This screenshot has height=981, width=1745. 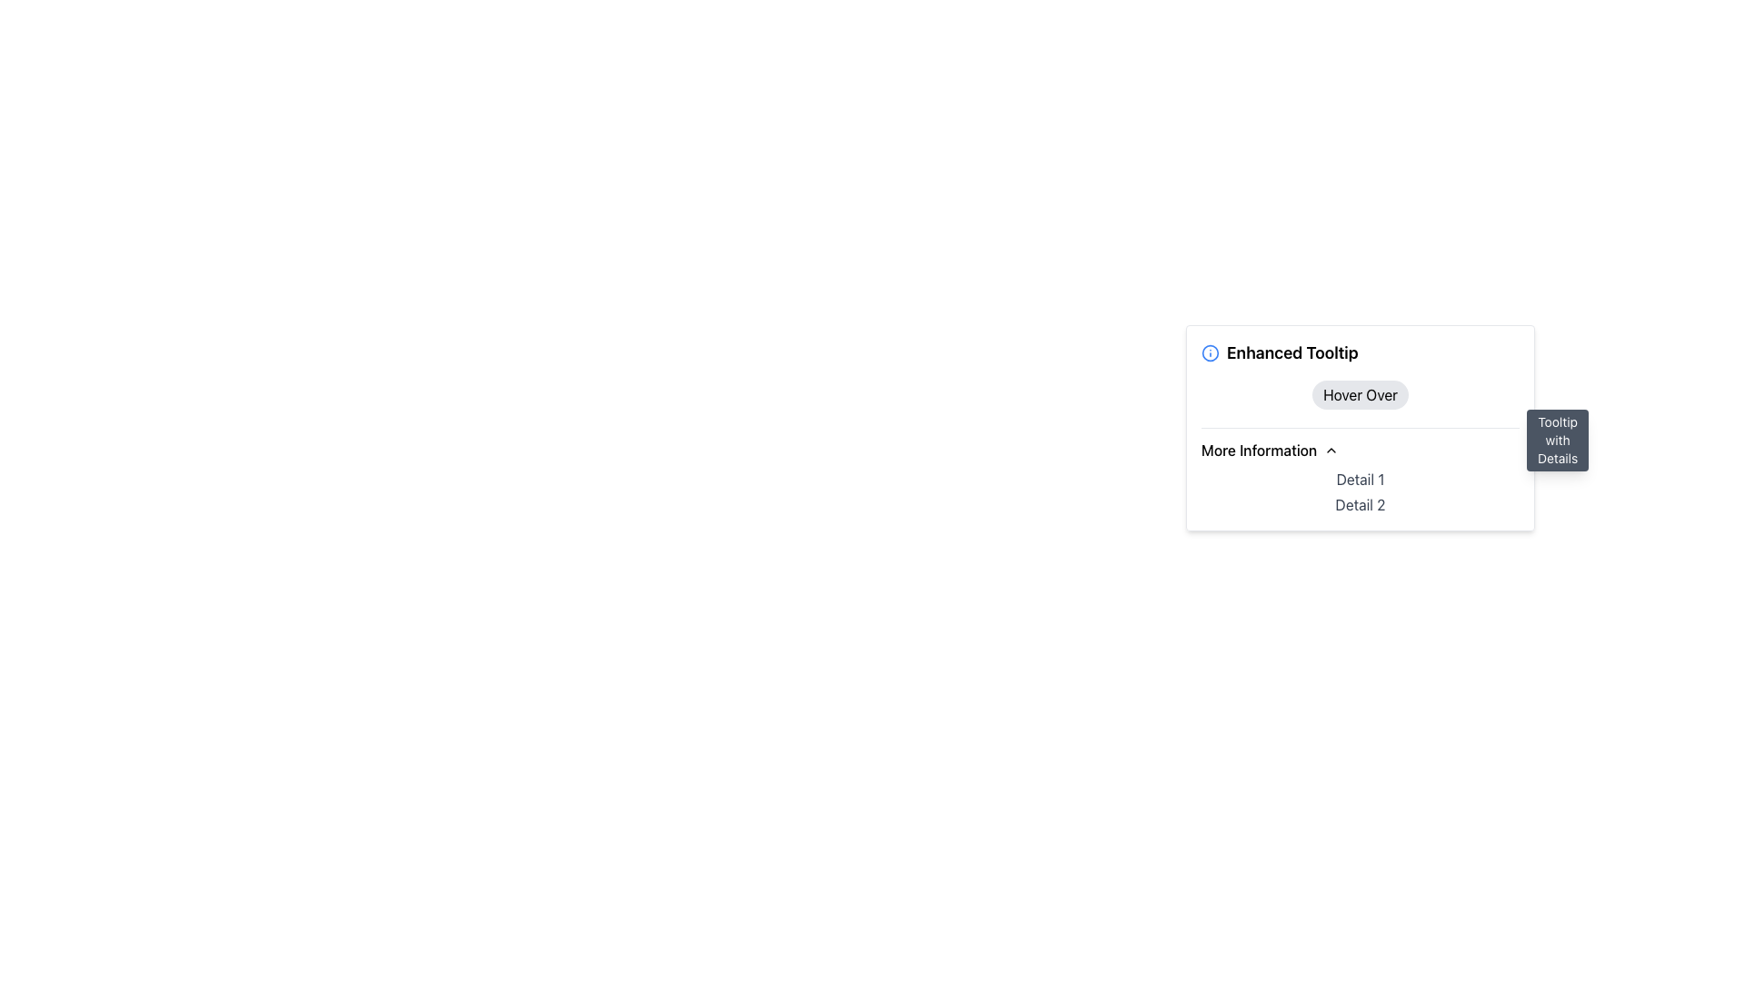 What do you see at coordinates (1210, 353) in the screenshot?
I see `the SVG circle element that serves as a background for the graphical icon located to the left of the 'Enhanced Tooltip' title` at bounding box center [1210, 353].